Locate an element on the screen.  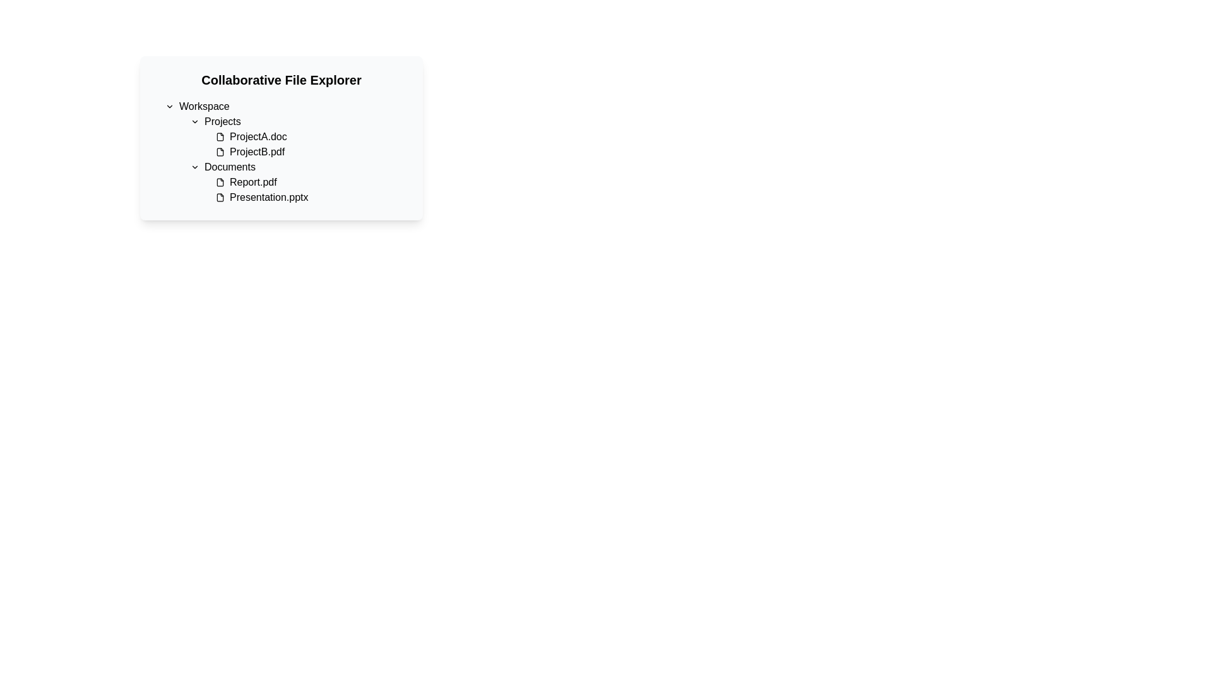
the text label displaying 'Report.pdf' located under the 'Documents' folder in the file explorer interface is located at coordinates (252, 182).